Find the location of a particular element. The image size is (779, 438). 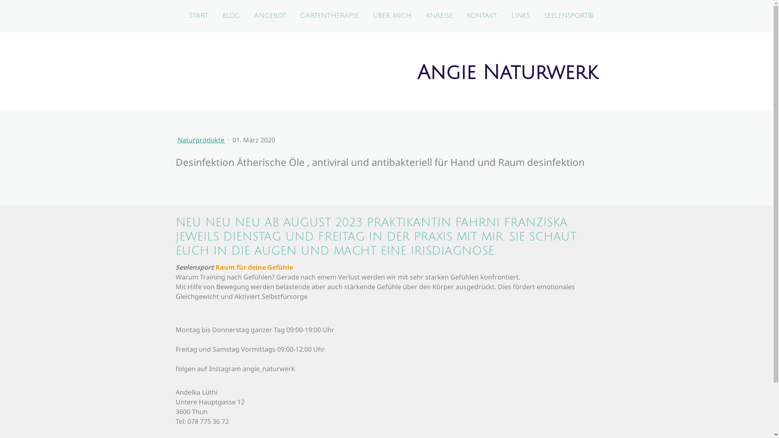

'GARTENTHERAPIE' is located at coordinates (329, 16).